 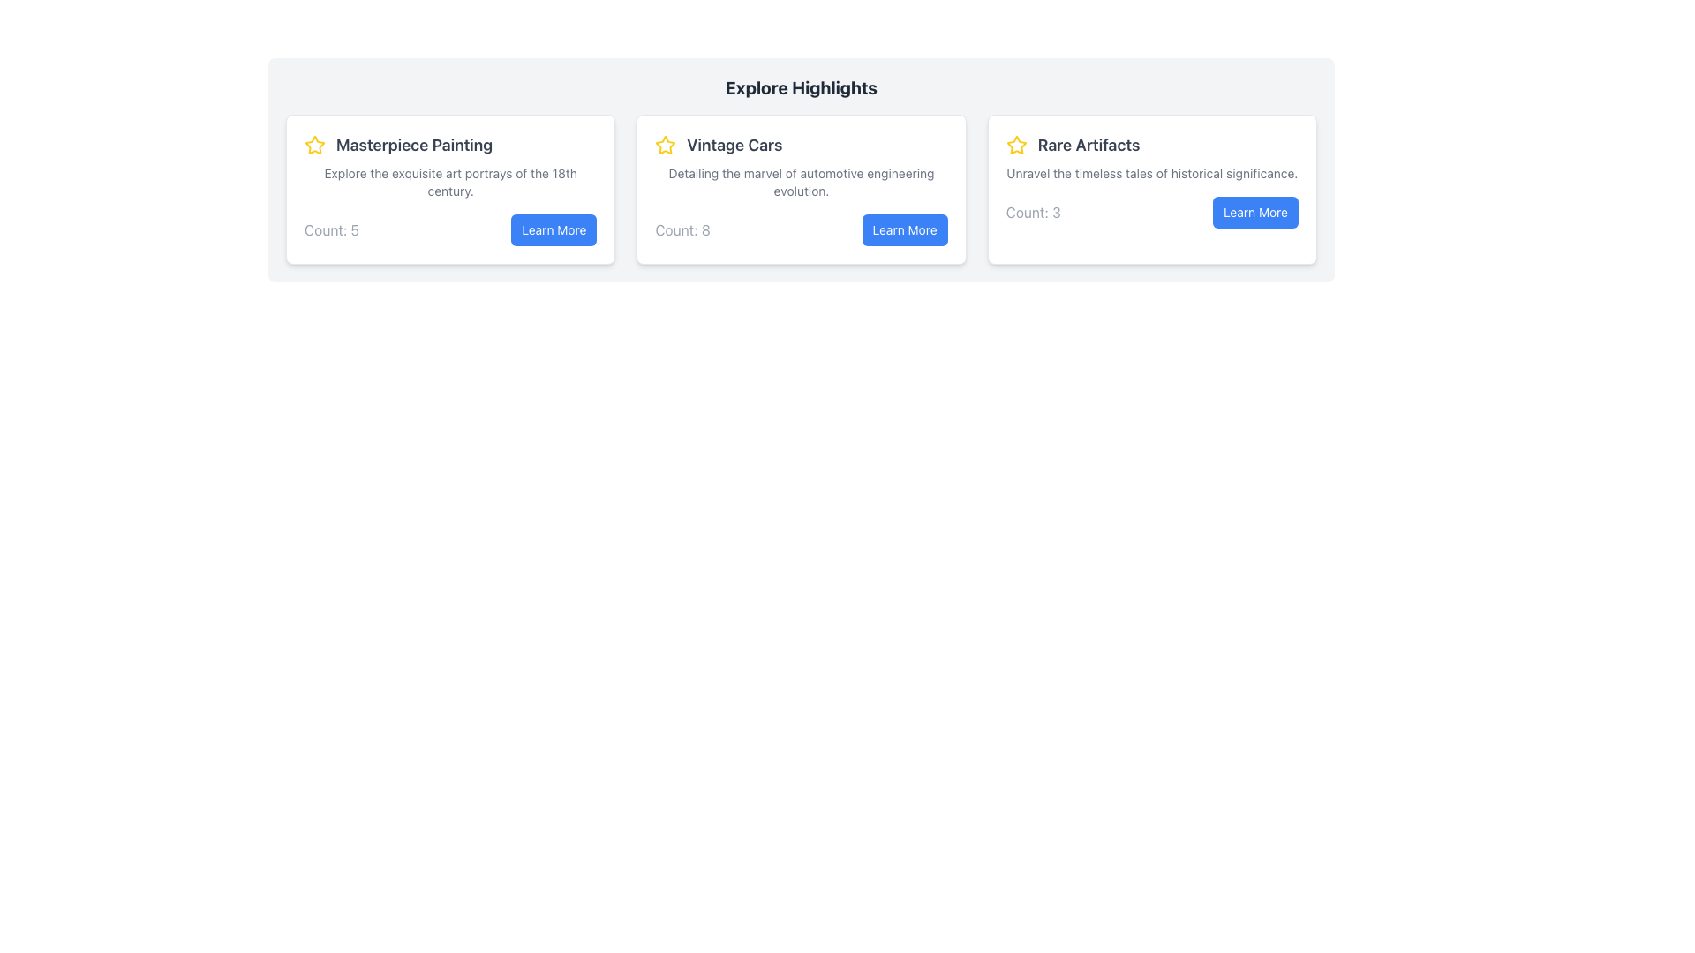 I want to click on the bold yellow star icon located at the top left of the 'Vintage Cars' card, so click(x=665, y=145).